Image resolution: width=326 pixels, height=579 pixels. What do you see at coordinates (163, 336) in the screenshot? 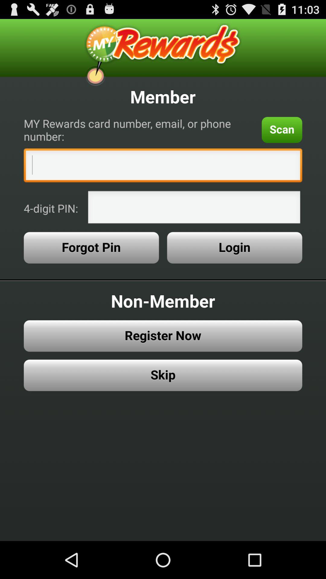
I see `register now button` at bounding box center [163, 336].